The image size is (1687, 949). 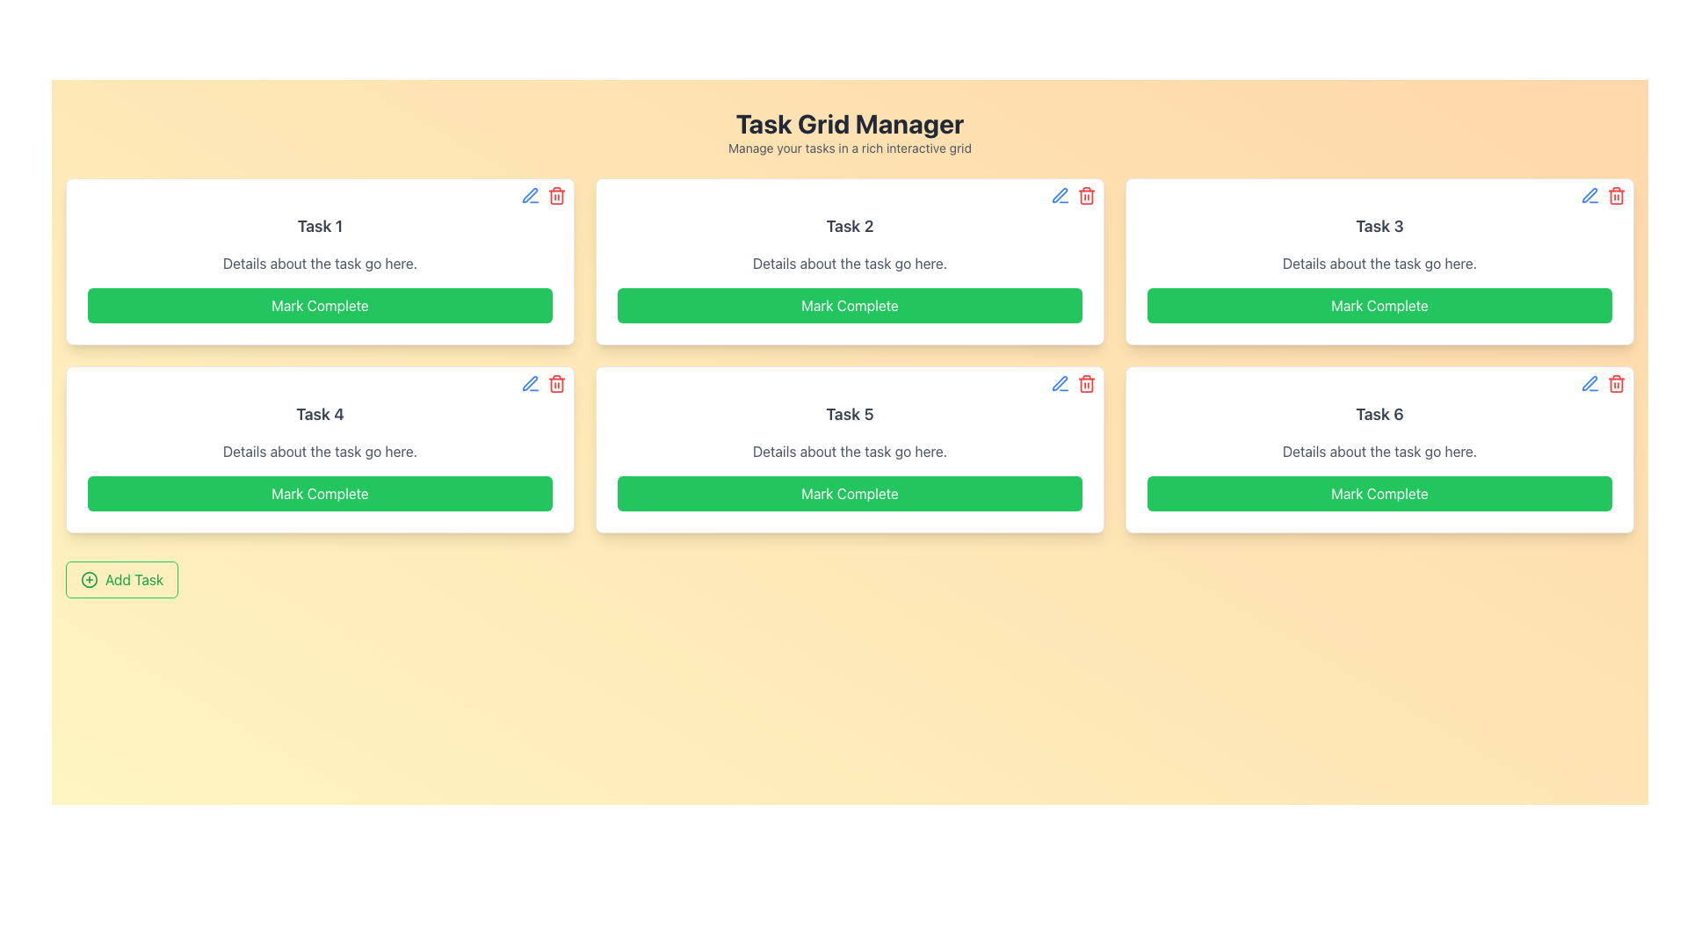 I want to click on the red trashcan icon button located in the top-right corner of the task card, so click(x=555, y=382).